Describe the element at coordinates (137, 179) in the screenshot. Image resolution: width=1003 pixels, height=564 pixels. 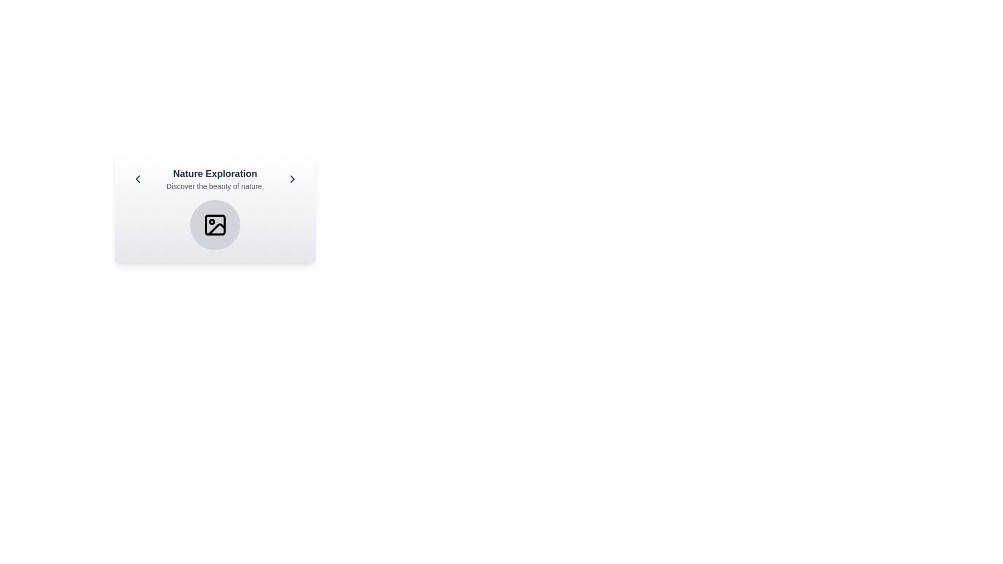
I see `the left-pointing chevron icon within the 'Nature Exploration' card` at that location.